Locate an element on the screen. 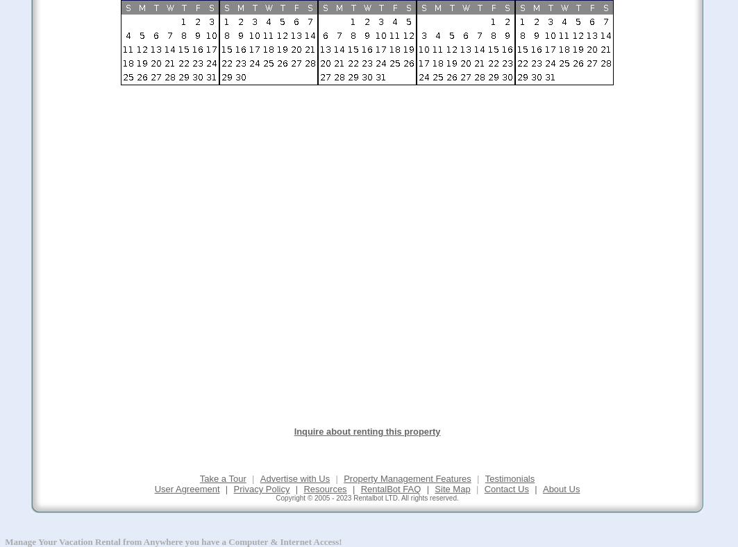  'RentalBot FAQ' is located at coordinates (389, 488).